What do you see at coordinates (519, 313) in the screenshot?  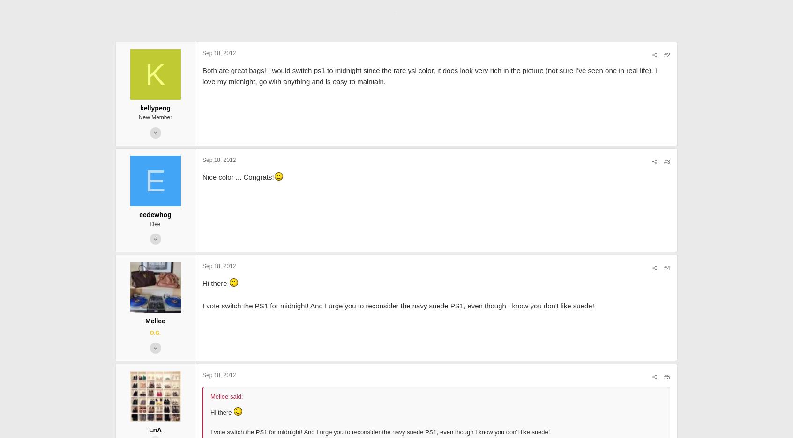 I see `'#4'` at bounding box center [519, 313].